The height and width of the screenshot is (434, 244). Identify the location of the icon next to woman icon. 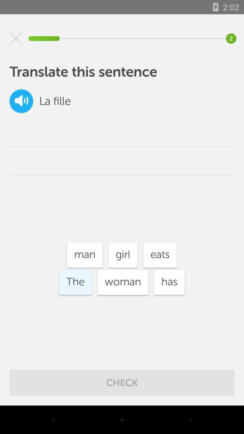
(169, 282).